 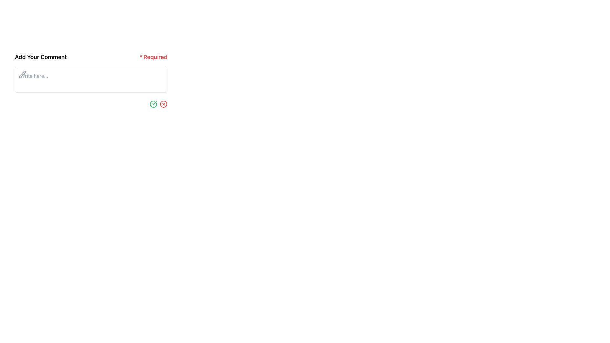 What do you see at coordinates (23, 74) in the screenshot?
I see `the gray pencil icon located at the top-left corner of the 'Write here...' textarea within the 'Add Your Comment' form for visual information` at bounding box center [23, 74].